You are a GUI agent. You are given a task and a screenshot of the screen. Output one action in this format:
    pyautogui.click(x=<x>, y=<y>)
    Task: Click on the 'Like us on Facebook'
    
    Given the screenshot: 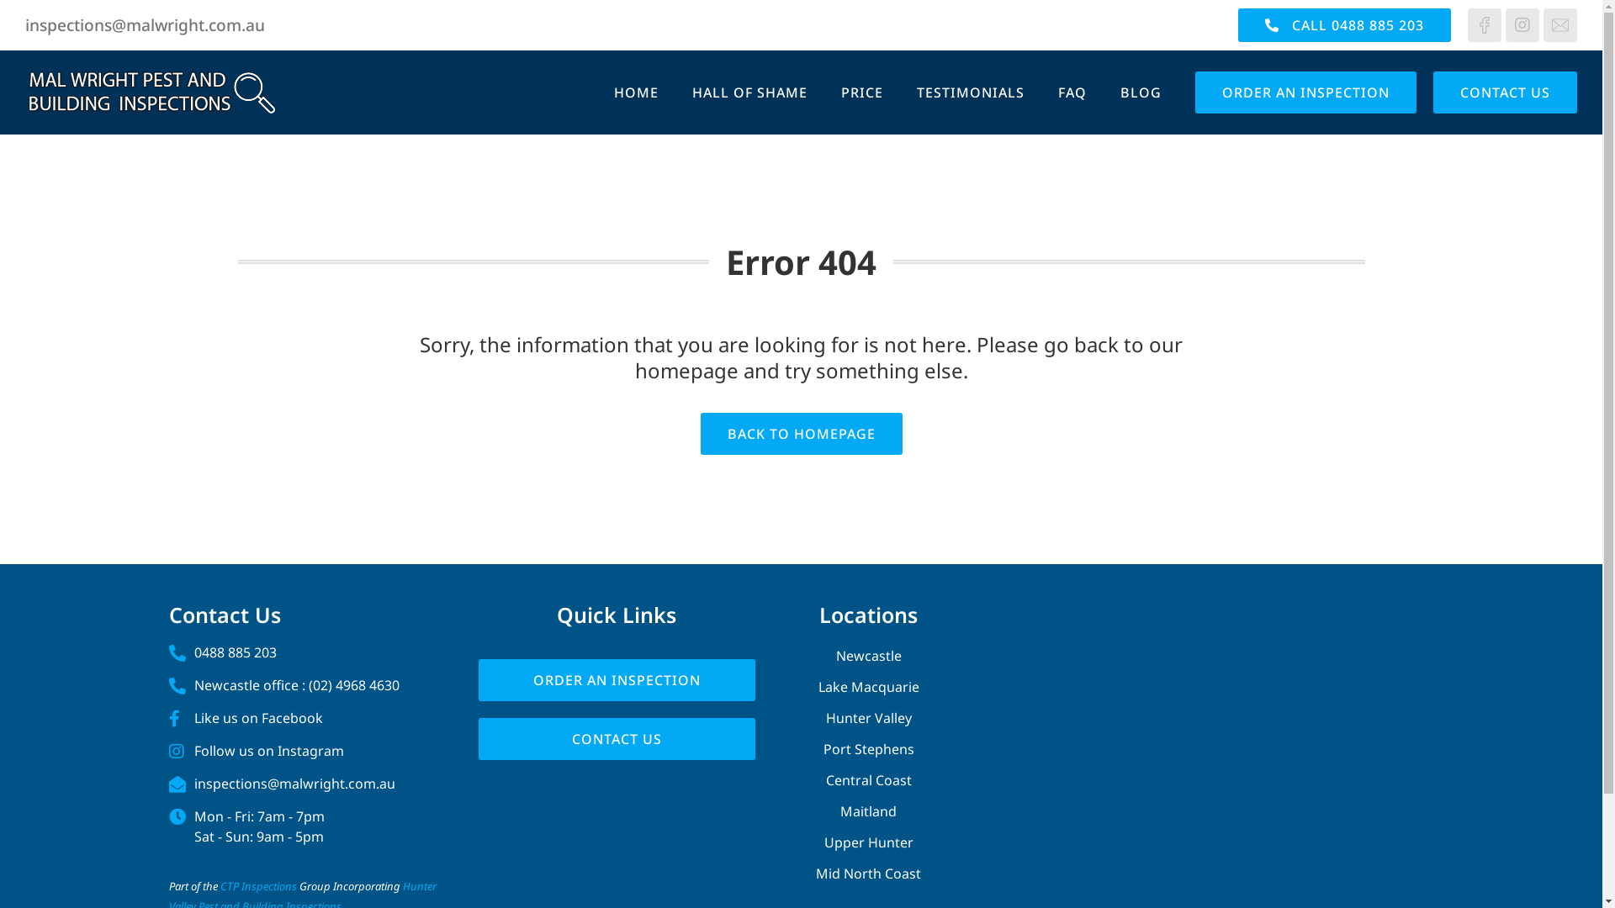 What is the action you would take?
    pyautogui.click(x=306, y=717)
    